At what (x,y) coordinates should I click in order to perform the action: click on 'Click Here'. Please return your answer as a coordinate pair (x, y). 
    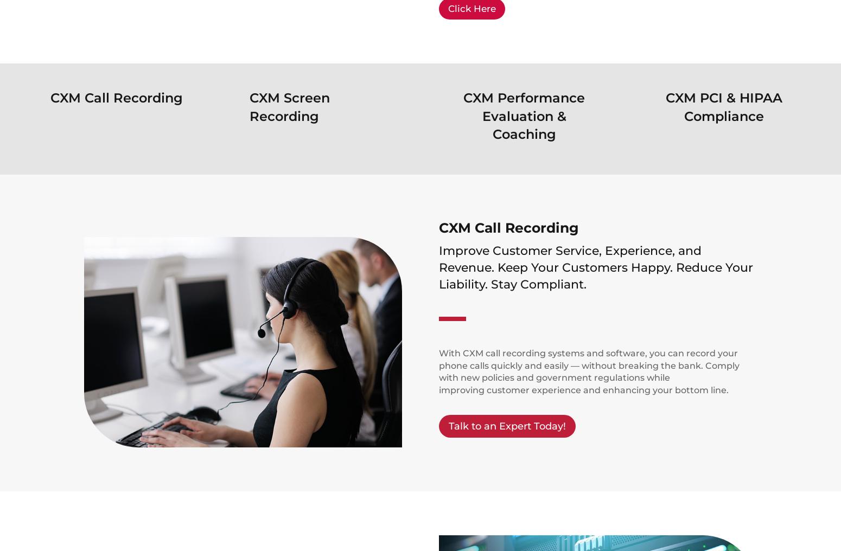
    Looking at the image, I should click on (472, 8).